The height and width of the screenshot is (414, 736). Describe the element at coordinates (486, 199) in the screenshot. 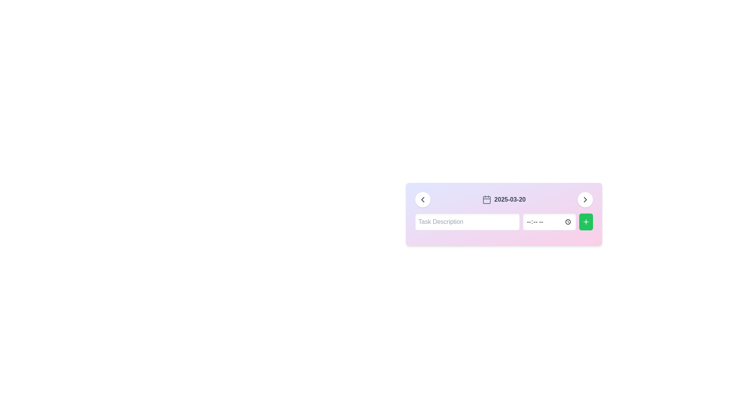

I see `the calendar icon element that signifies the area where dates are displayed, located to the left of the date label '2025-03-20'` at that location.